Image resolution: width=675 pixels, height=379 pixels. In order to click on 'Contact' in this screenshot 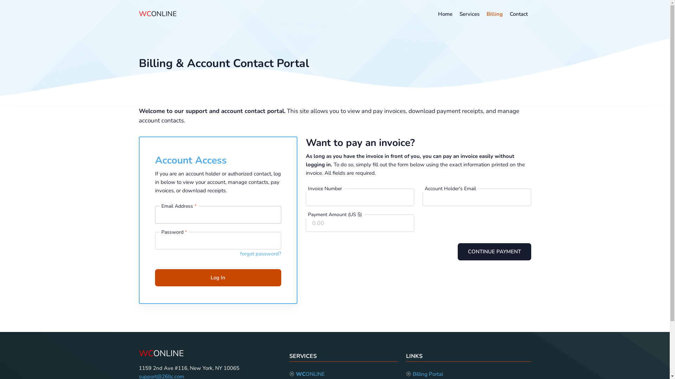, I will do `click(519, 14)`.